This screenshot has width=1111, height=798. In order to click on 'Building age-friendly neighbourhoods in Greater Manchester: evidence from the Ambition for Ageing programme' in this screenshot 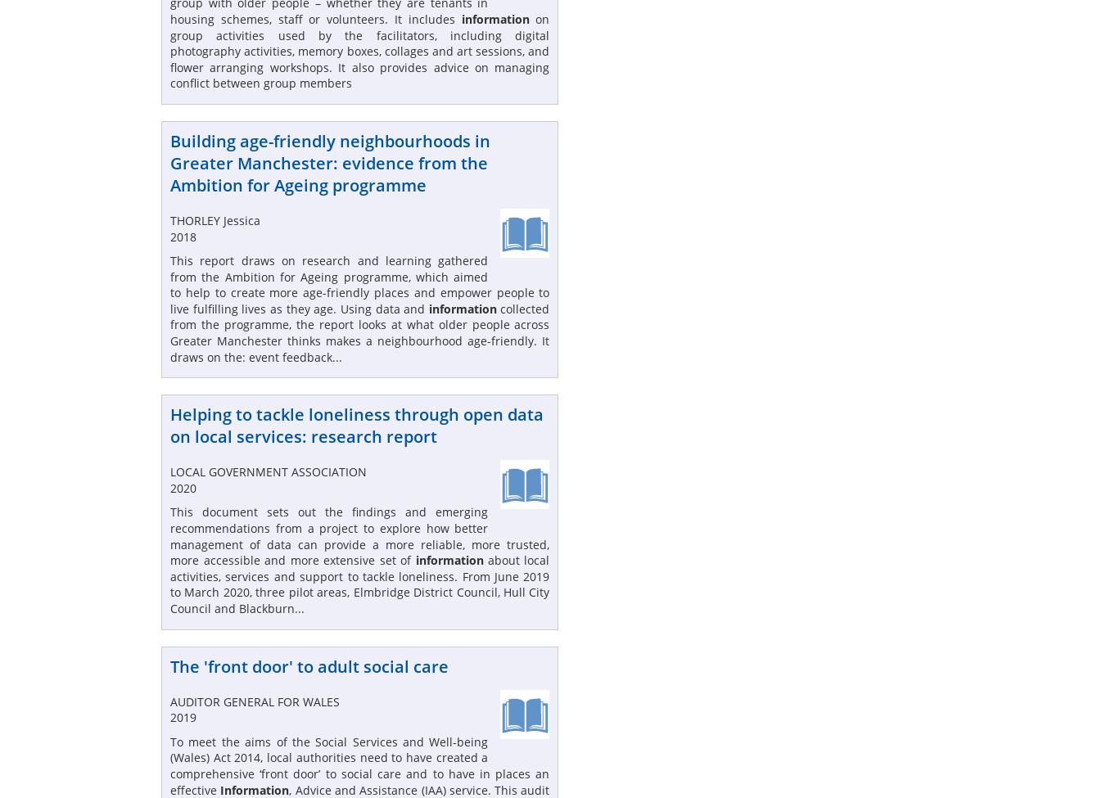, I will do `click(330, 162)`.